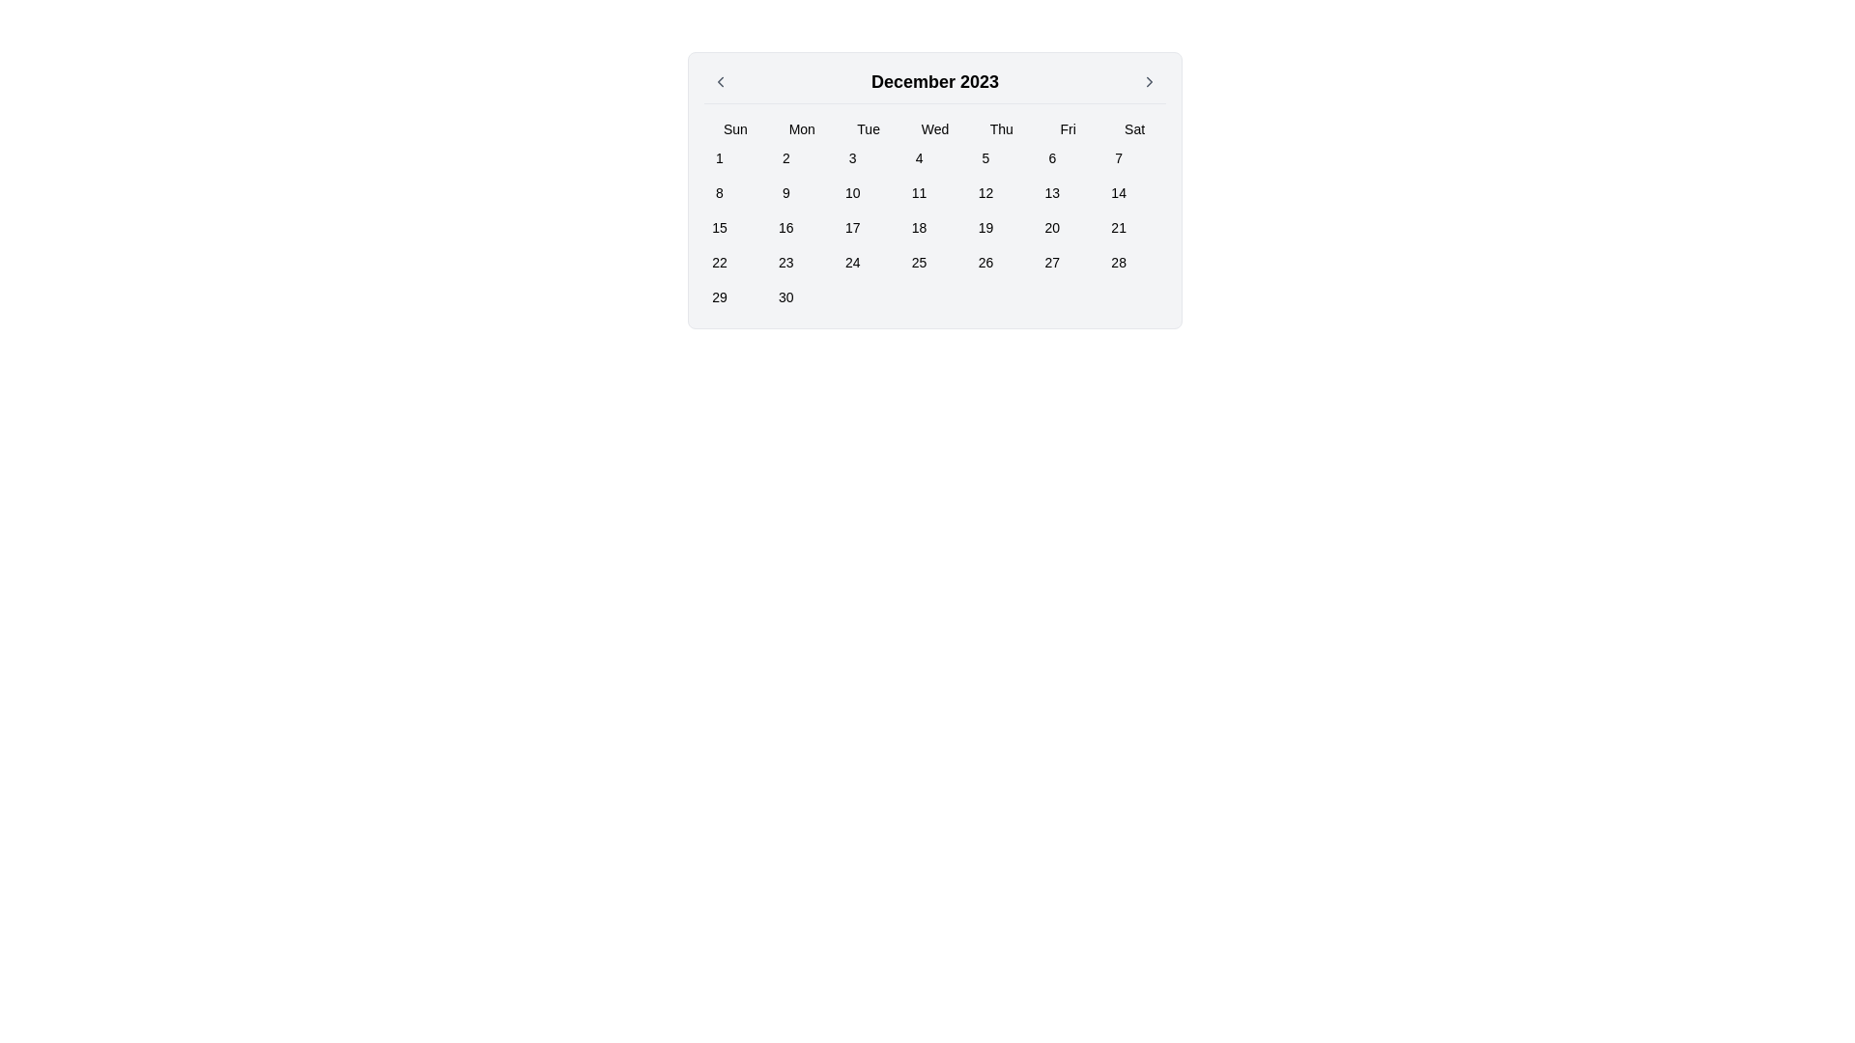 This screenshot has height=1043, width=1855. Describe the element at coordinates (985, 226) in the screenshot. I see `the clickable calendar day button displaying the number '19'` at that location.